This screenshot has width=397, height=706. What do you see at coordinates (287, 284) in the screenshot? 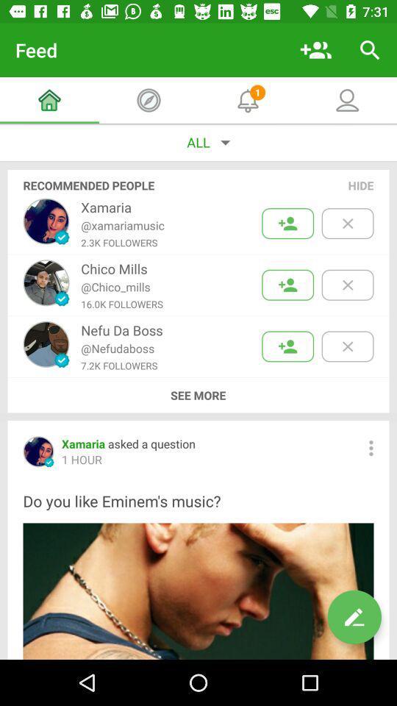
I see `friend` at bounding box center [287, 284].